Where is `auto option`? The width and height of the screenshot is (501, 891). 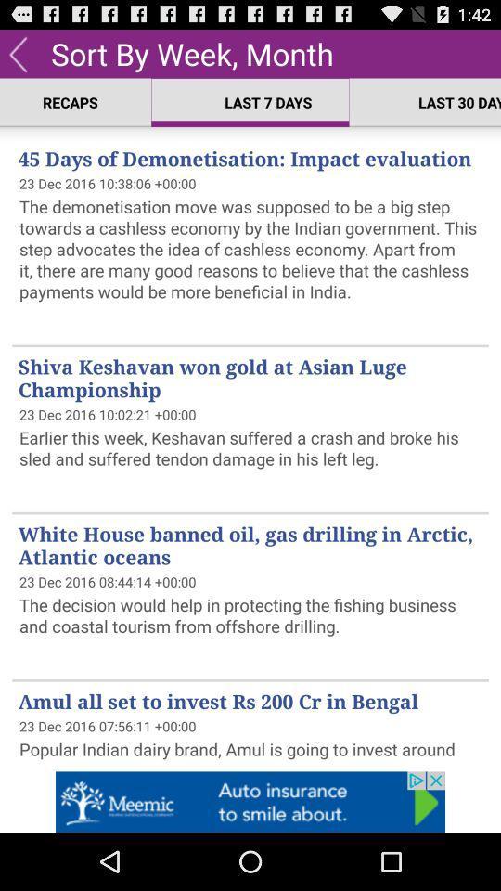
auto option is located at coordinates (250, 801).